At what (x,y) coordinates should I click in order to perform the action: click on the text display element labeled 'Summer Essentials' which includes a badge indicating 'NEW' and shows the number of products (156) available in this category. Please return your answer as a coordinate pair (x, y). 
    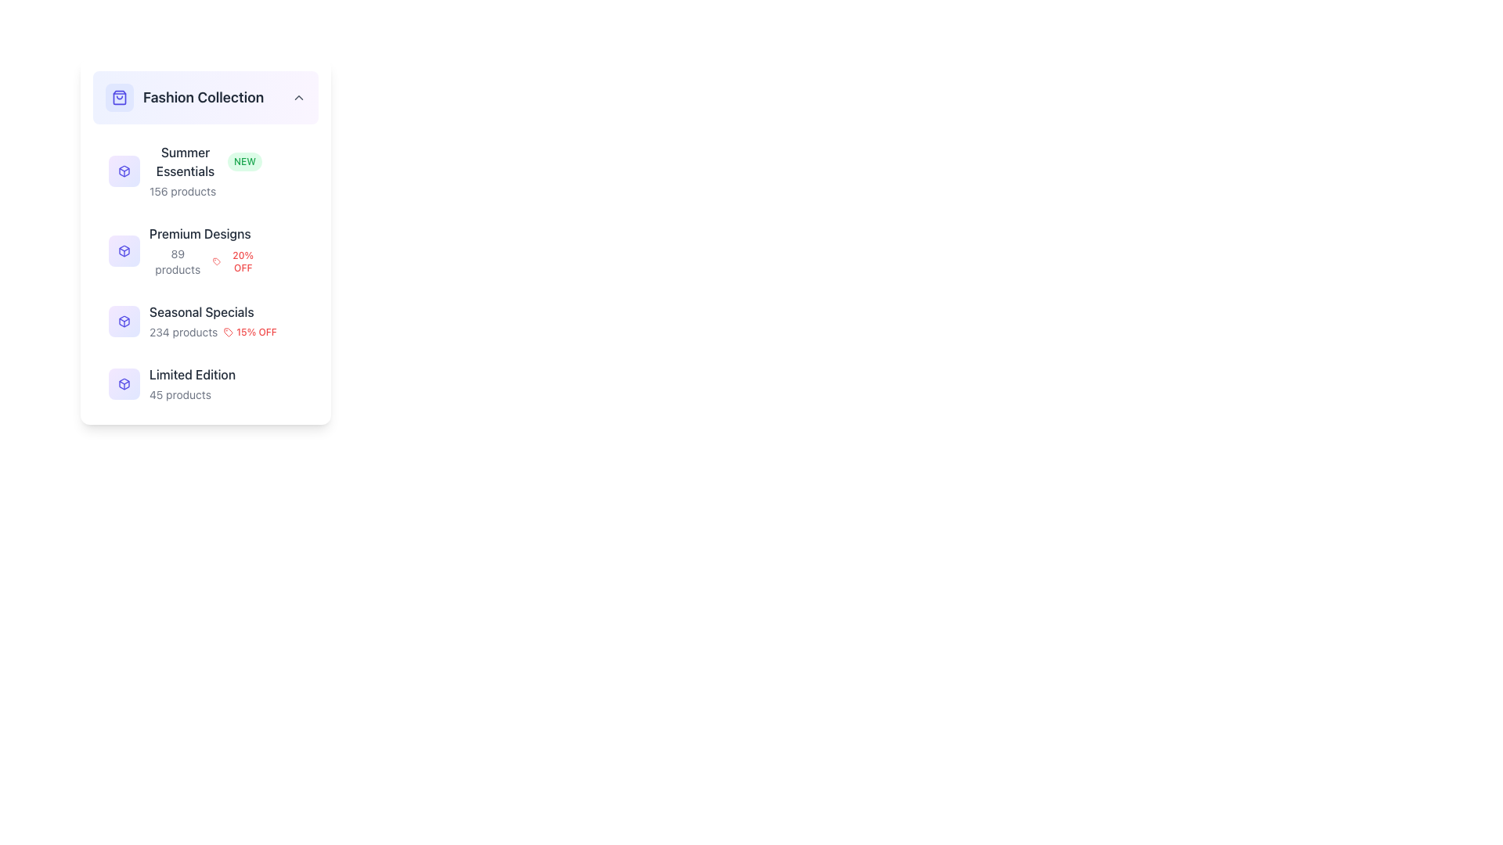
    Looking at the image, I should click on (185, 171).